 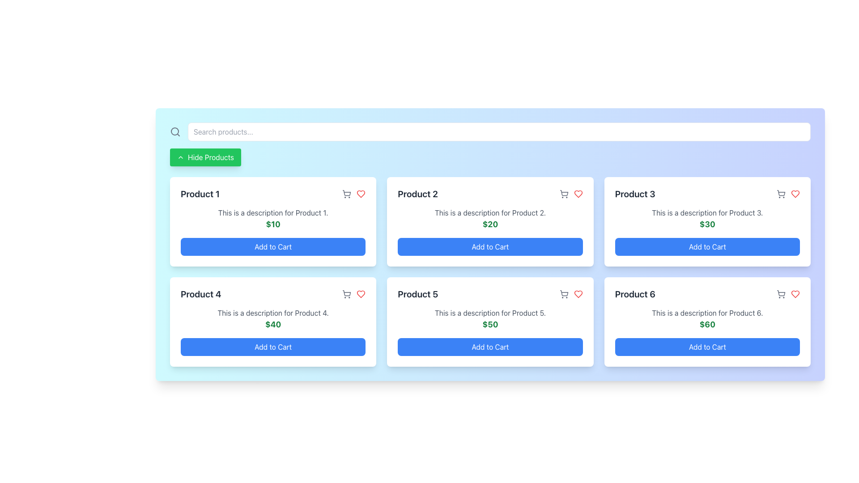 I want to click on the button that adds 'Product 4' to the shopping cart, located beneath the text '$40' in the bottom-central region of the product card, so click(x=272, y=346).